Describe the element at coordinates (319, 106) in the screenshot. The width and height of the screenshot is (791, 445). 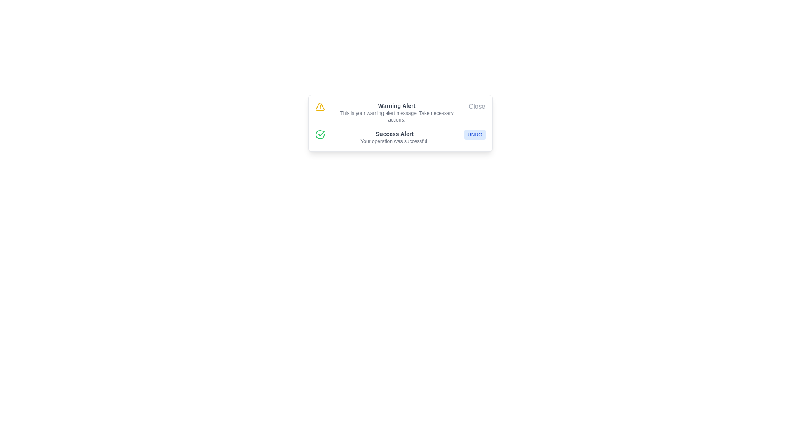
I see `the warning alert icon located at the top left of the warning alert box, which symbolizes caution or potential issues` at that location.